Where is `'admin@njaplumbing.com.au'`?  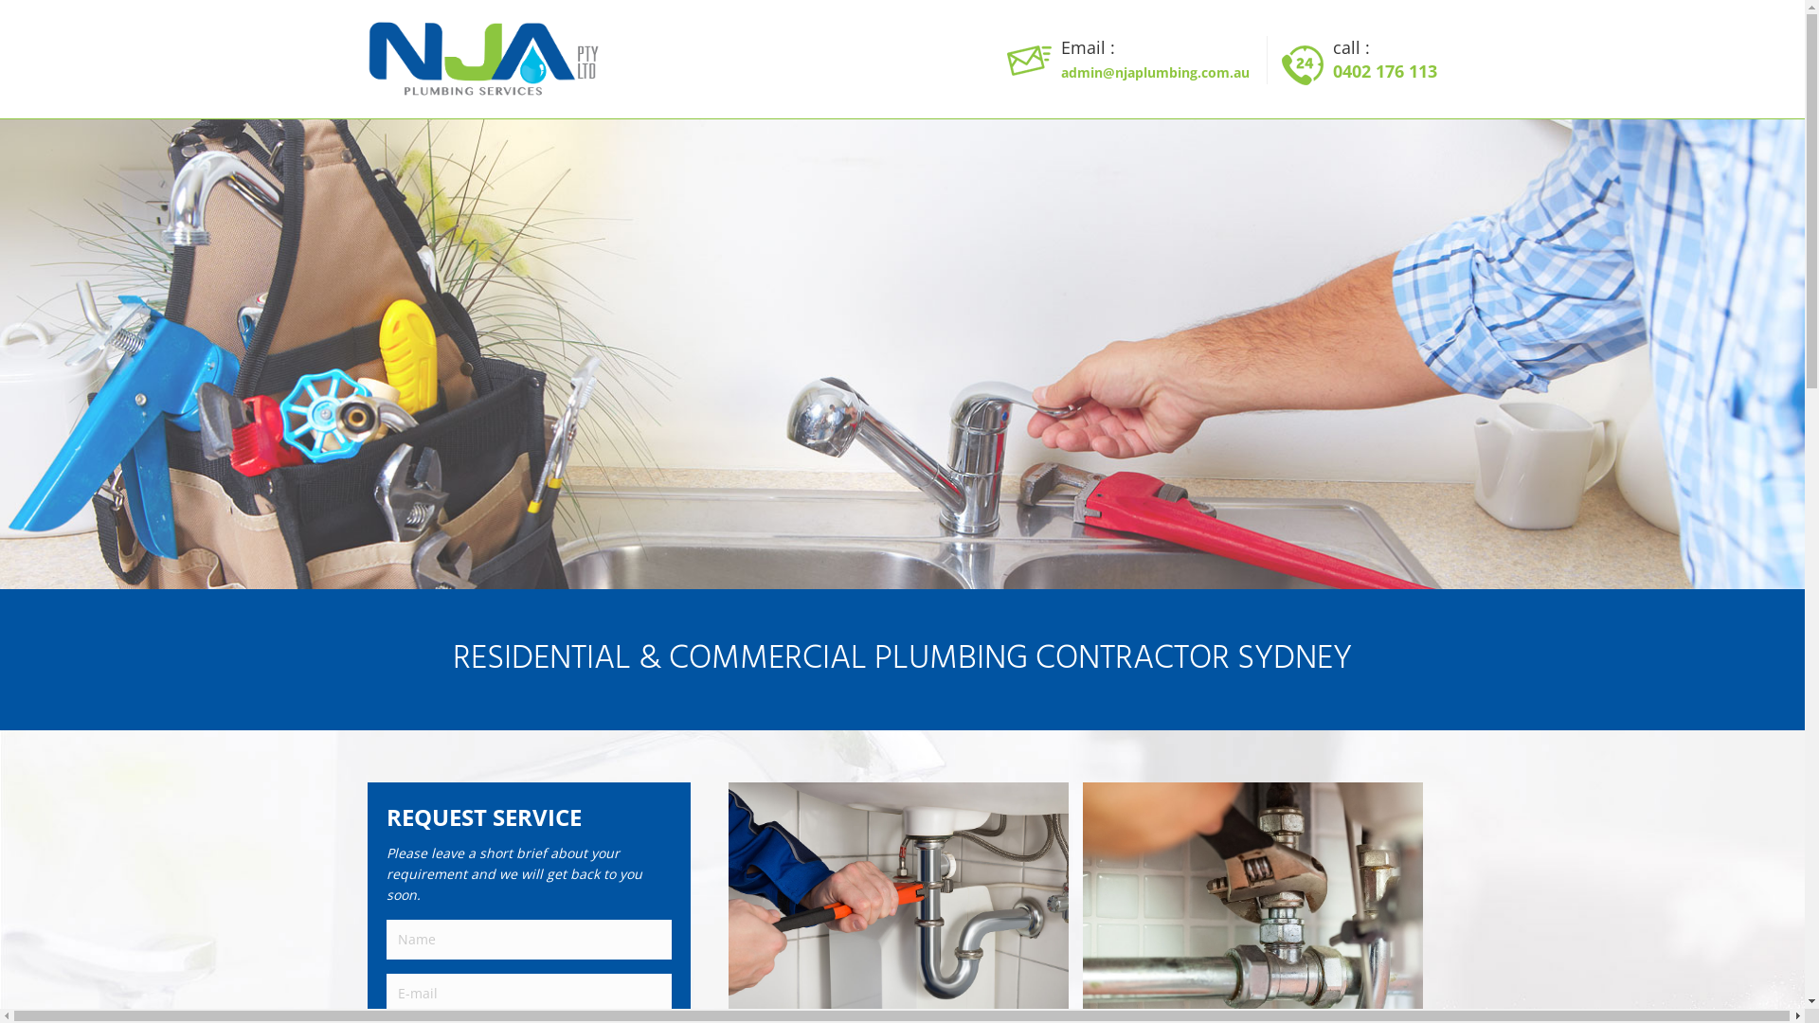
'admin@njaplumbing.com.au' is located at coordinates (1154, 71).